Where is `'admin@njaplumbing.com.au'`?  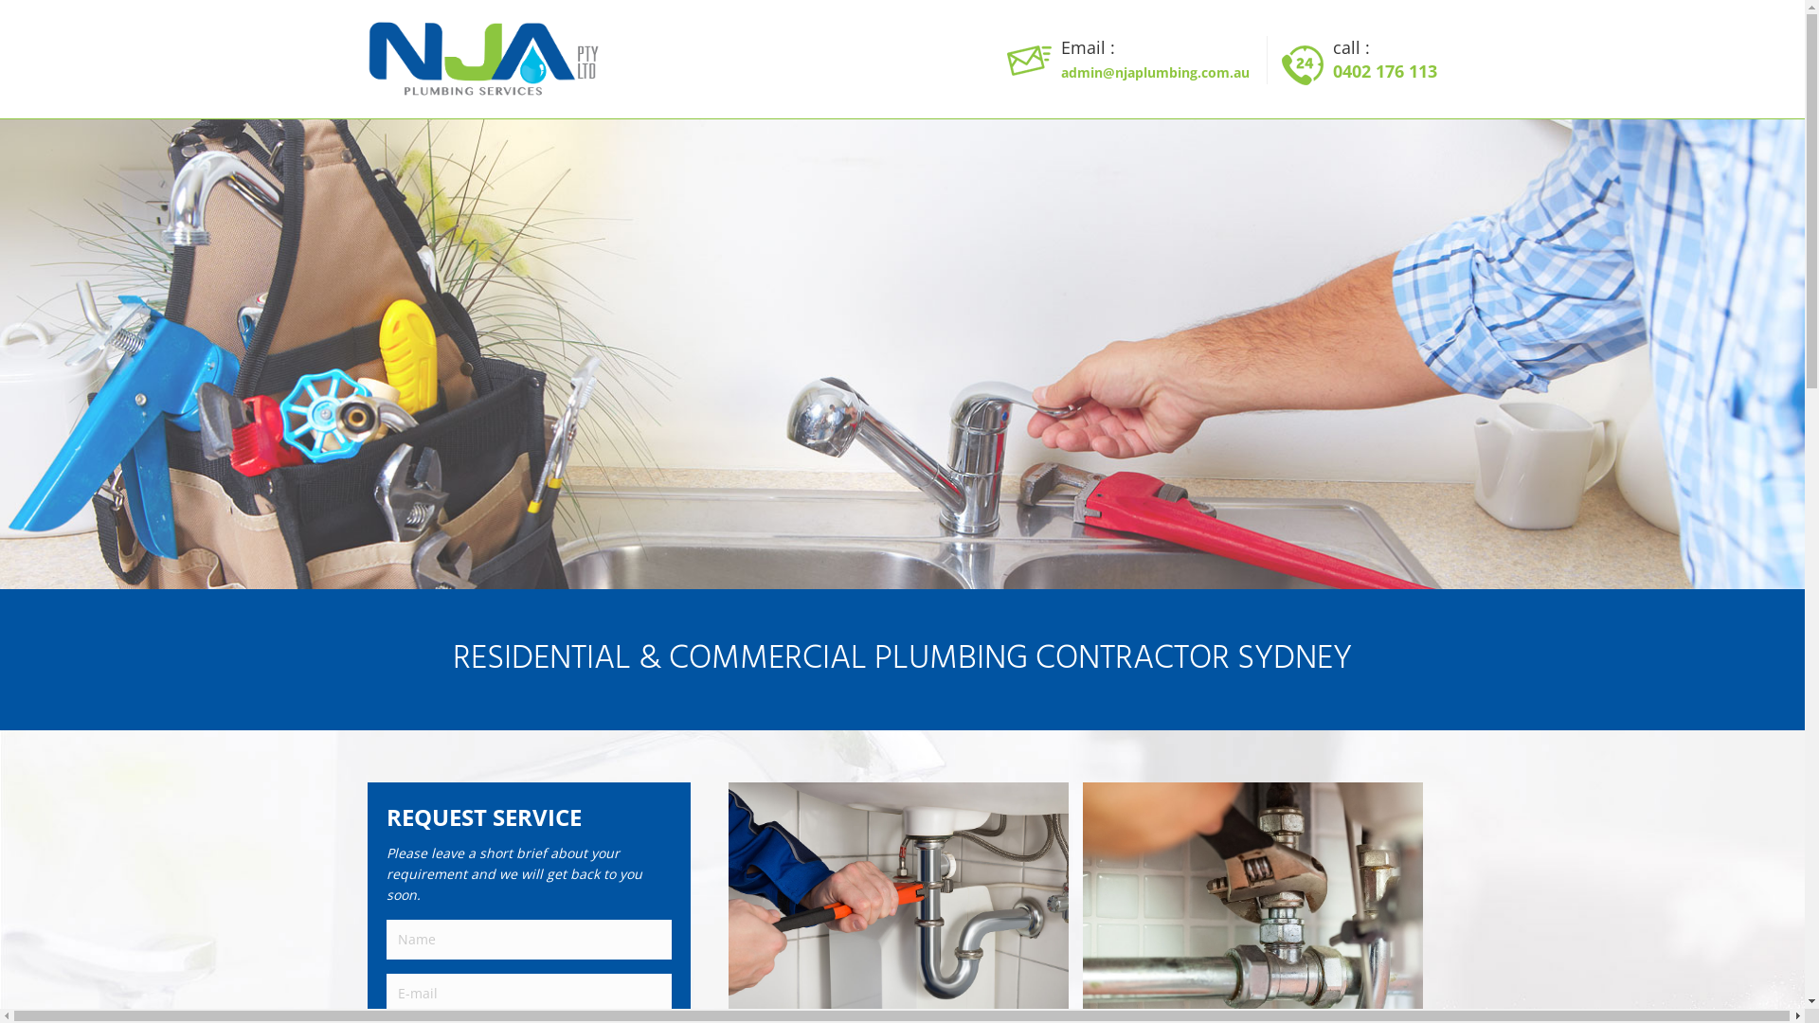
'admin@njaplumbing.com.au' is located at coordinates (1154, 71).